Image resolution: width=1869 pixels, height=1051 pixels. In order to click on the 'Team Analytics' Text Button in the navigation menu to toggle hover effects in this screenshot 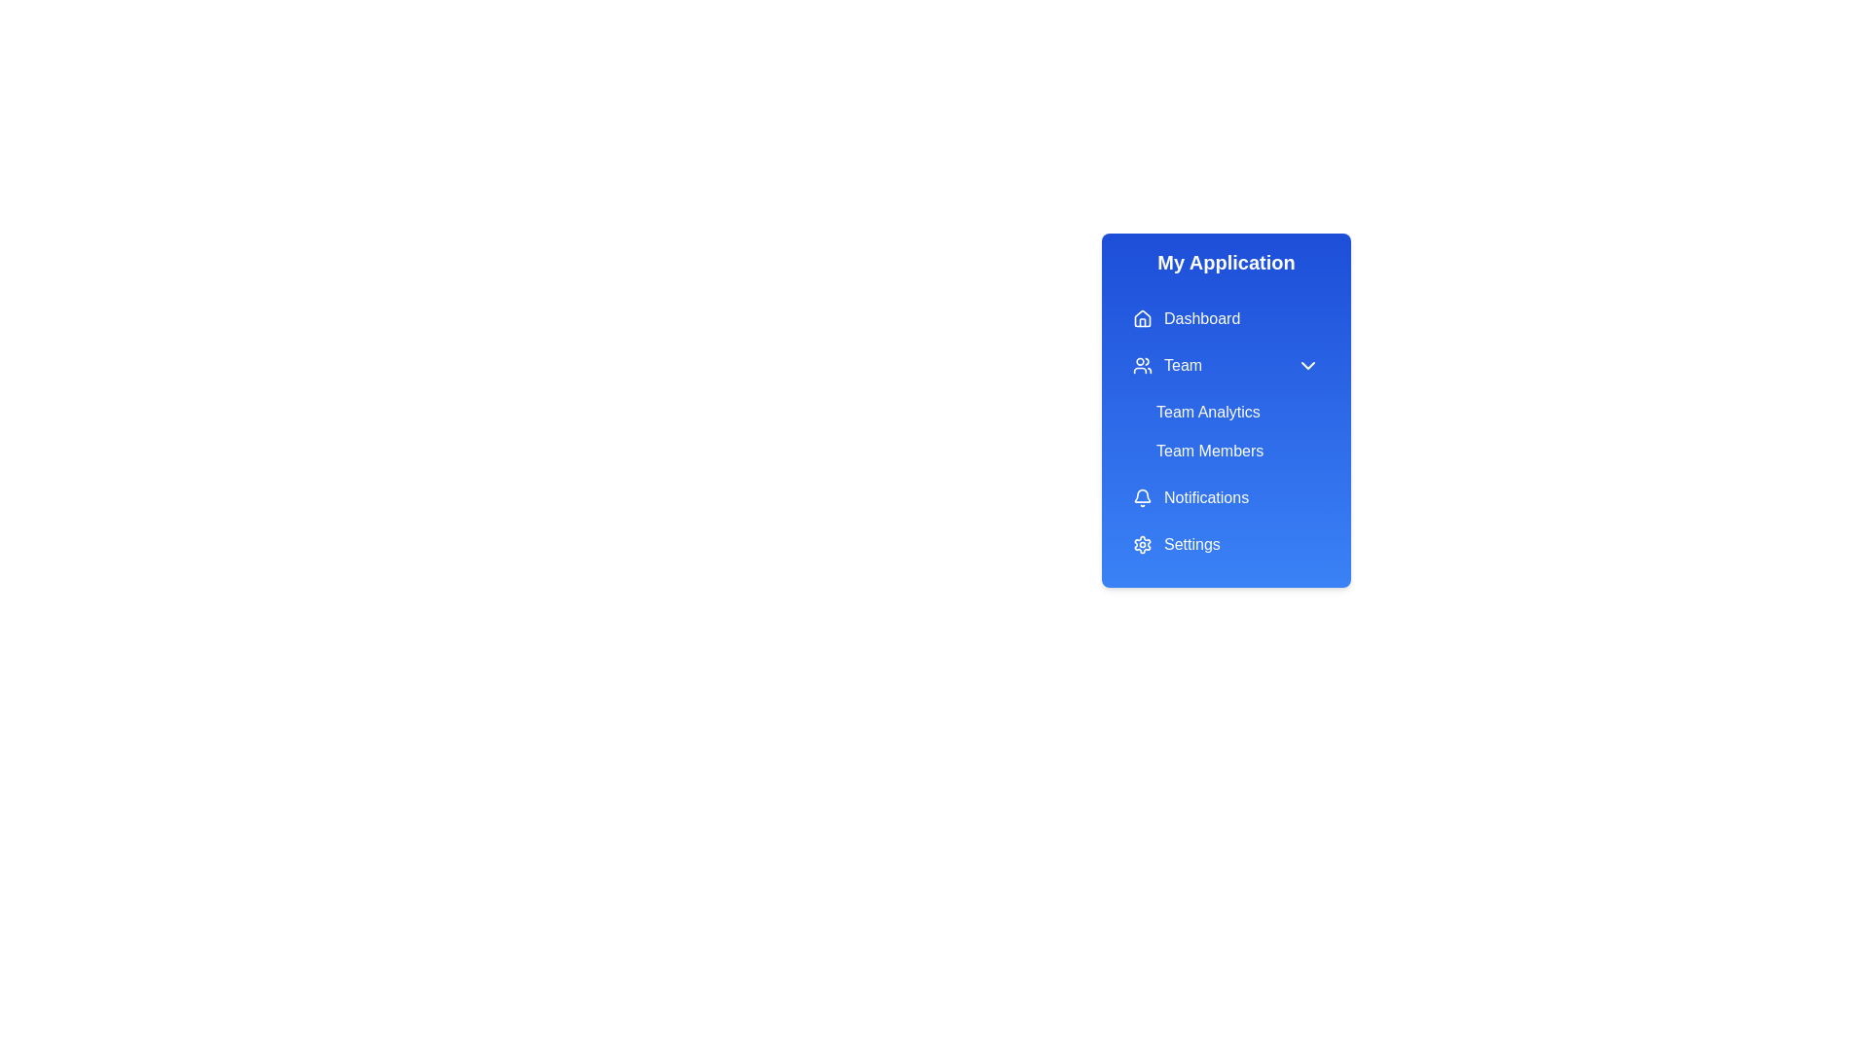, I will do `click(1237, 412)`.